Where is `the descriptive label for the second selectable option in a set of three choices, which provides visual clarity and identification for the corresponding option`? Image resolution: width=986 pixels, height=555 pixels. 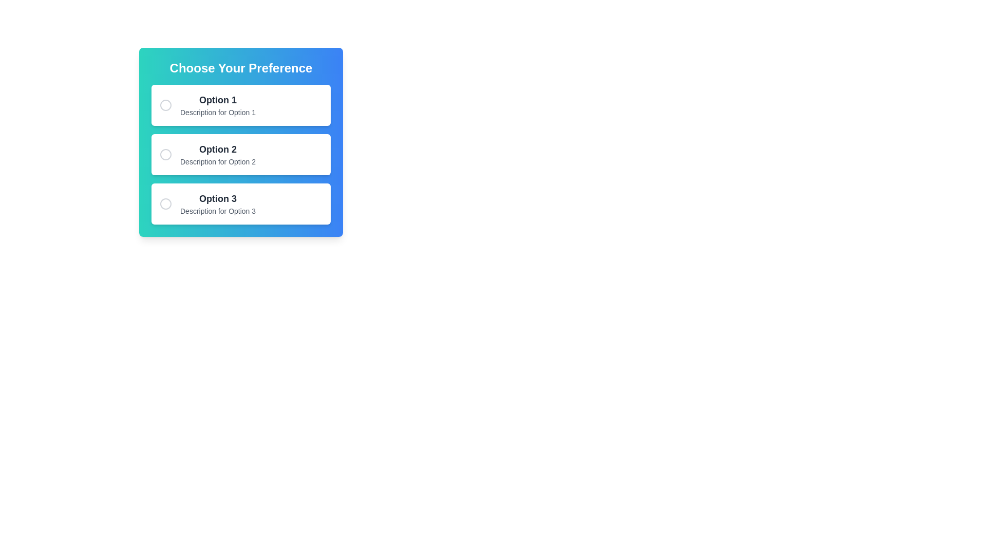 the descriptive label for the second selectable option in a set of three choices, which provides visual clarity and identification for the corresponding option is located at coordinates (217, 149).